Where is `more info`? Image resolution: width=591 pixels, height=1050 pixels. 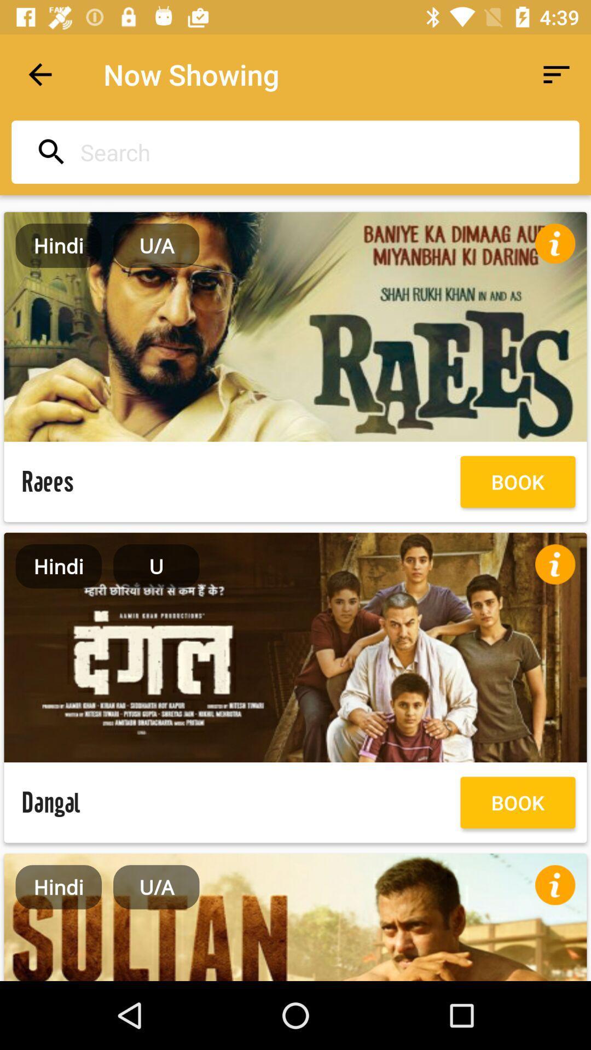 more info is located at coordinates (555, 885).